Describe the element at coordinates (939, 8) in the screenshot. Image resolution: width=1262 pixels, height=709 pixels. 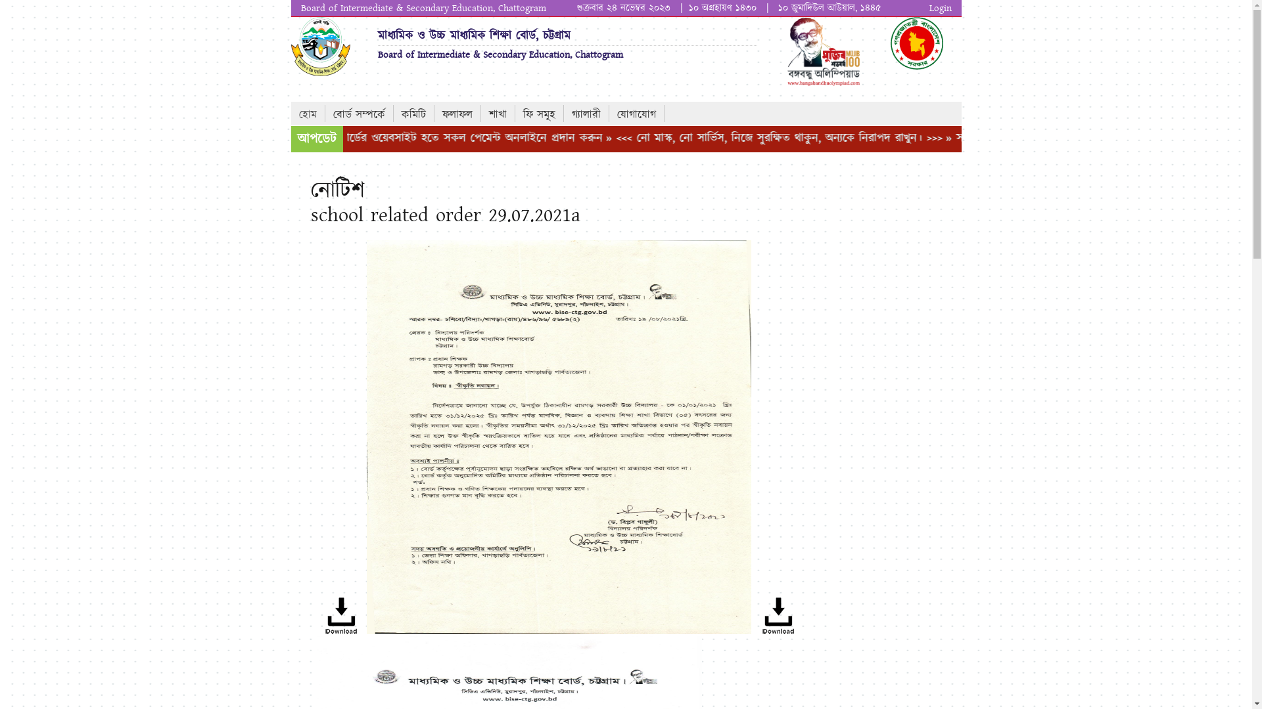
I see `'Login'` at that location.